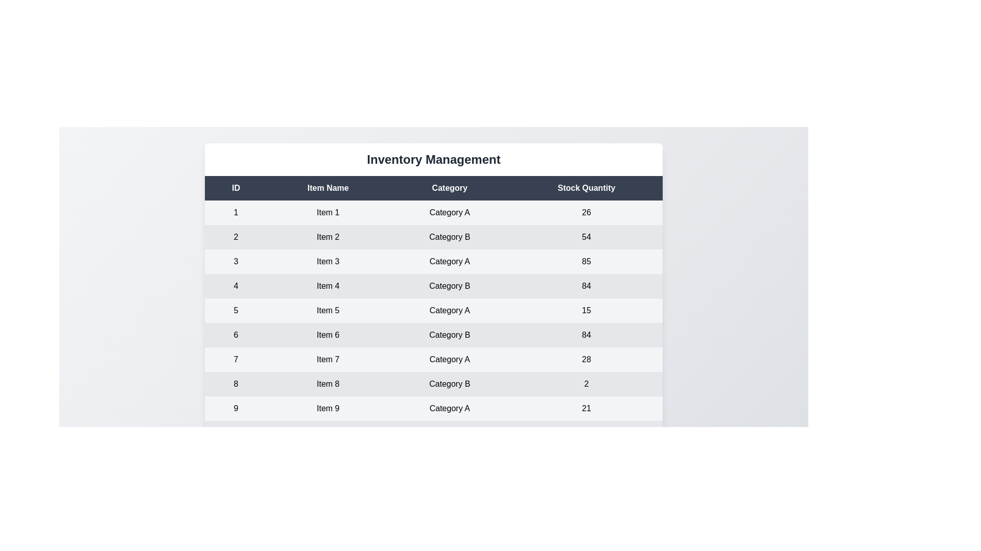 The height and width of the screenshot is (551, 981). I want to click on the header ID in the table, so click(235, 188).